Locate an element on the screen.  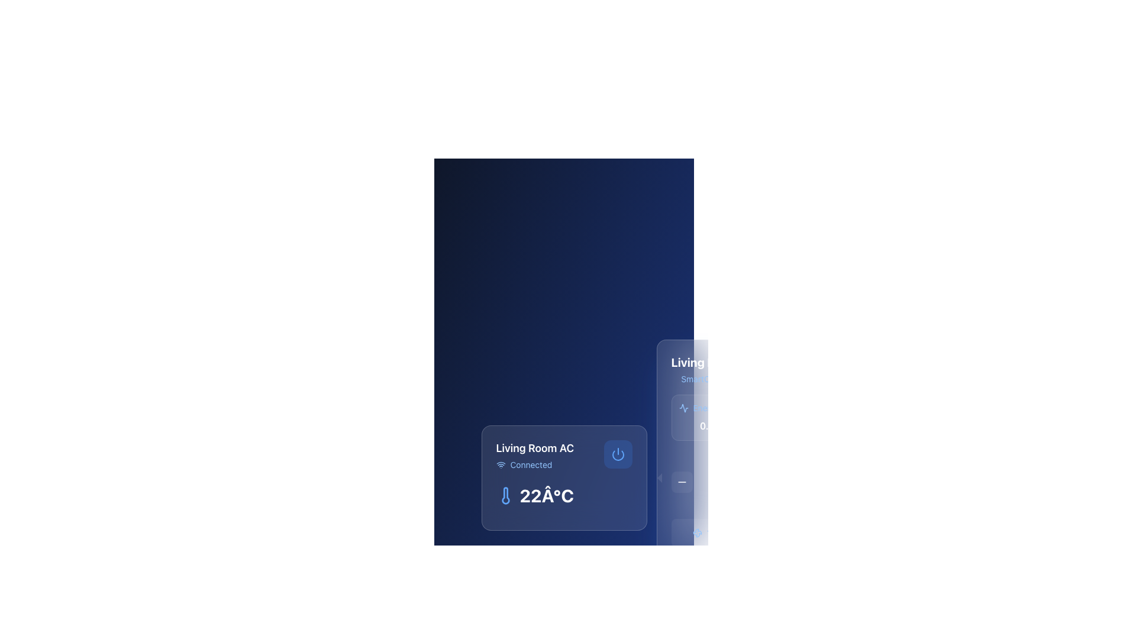
the leftmost button, which is a small rounded rectangle with a centered minus icon is located at coordinates (682, 482).